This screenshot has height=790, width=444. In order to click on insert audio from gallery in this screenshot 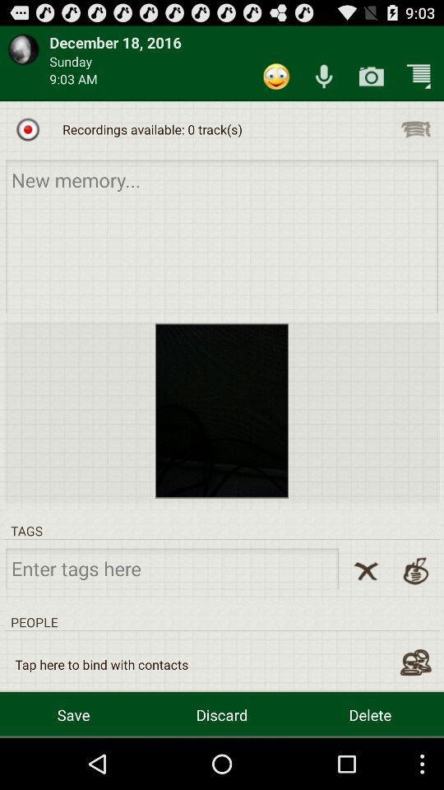, I will do `click(414, 128)`.